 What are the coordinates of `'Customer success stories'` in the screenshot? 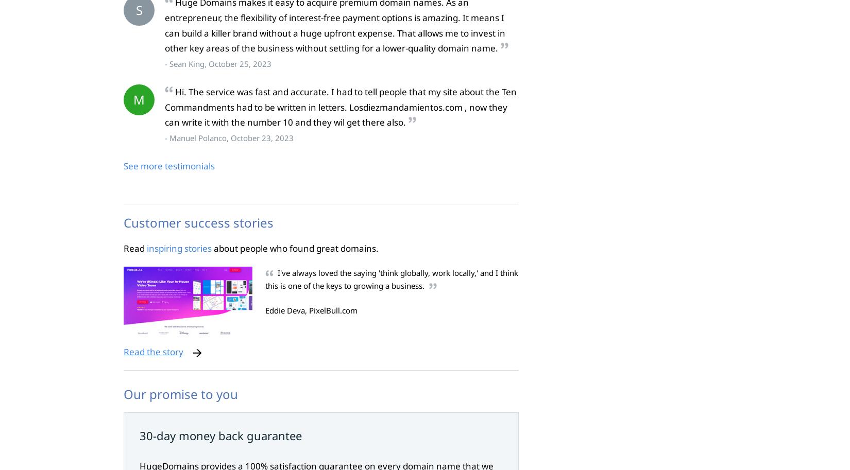 It's located at (198, 222).